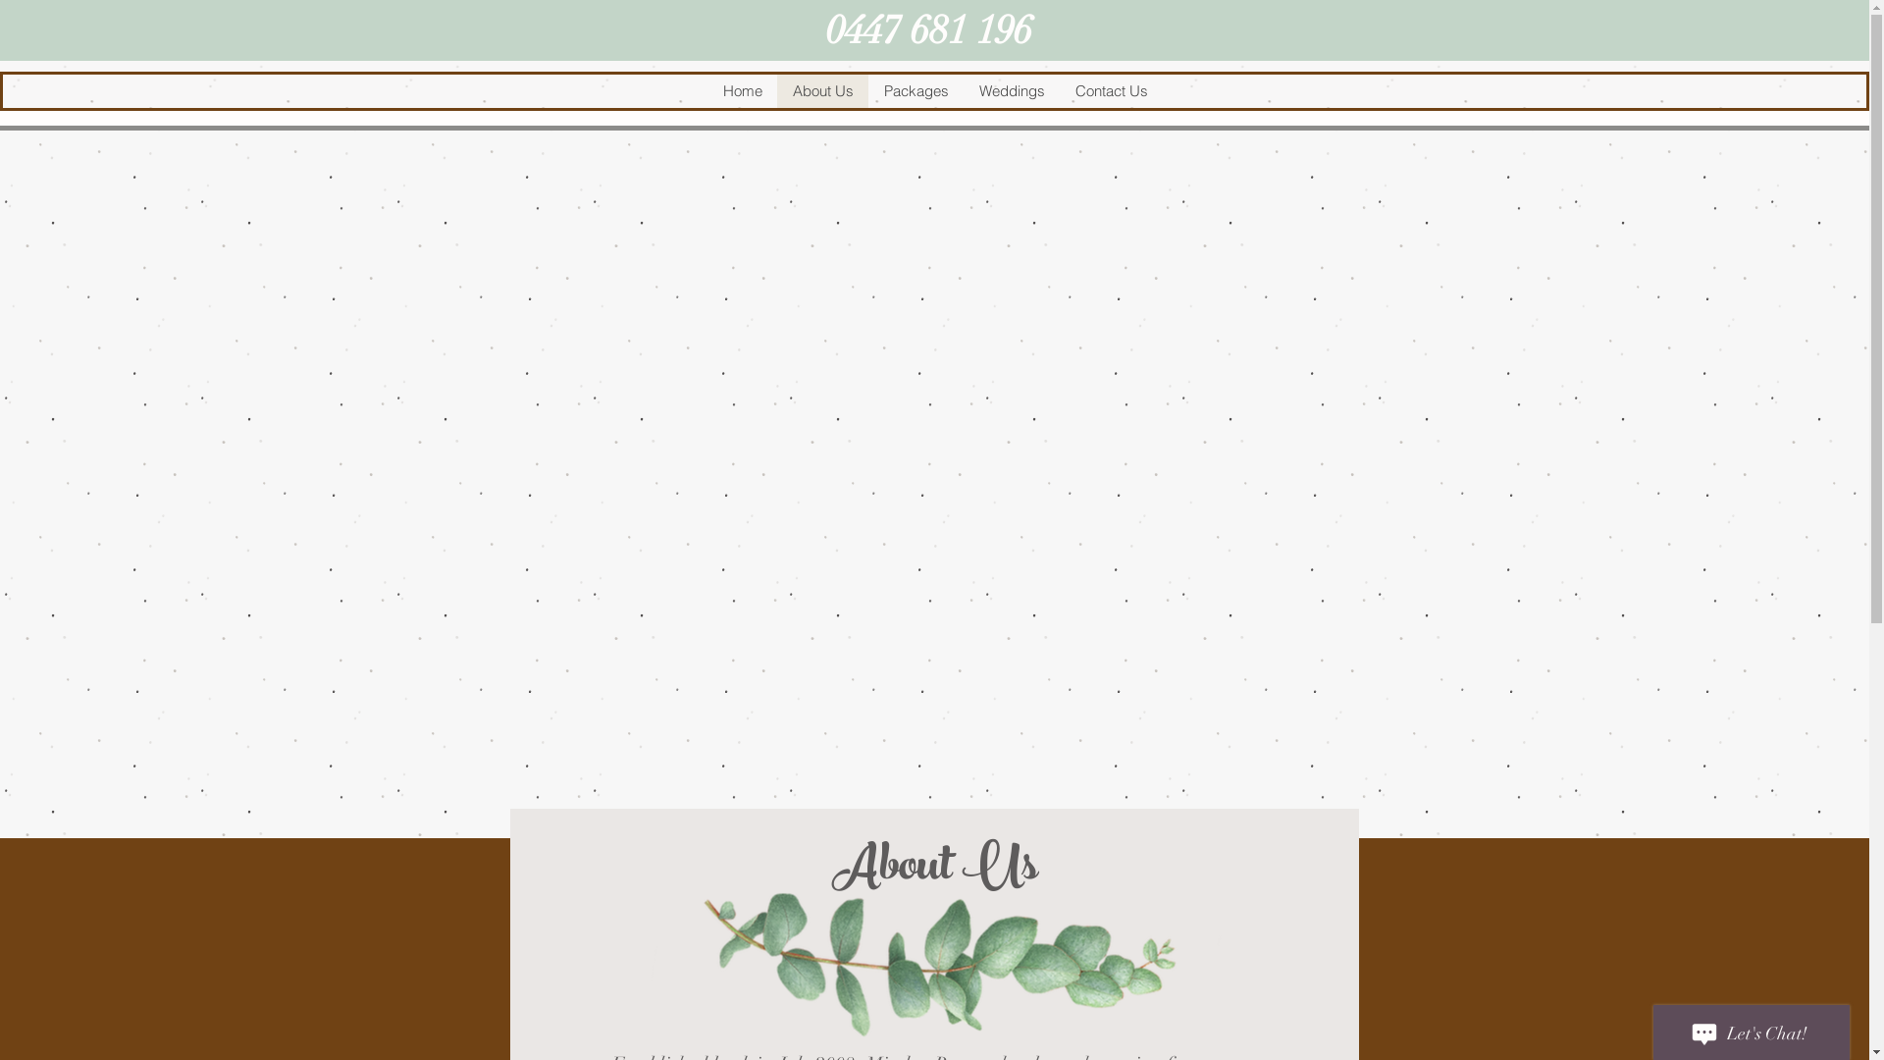 This screenshot has width=1884, height=1060. I want to click on 'Packages', so click(914, 90).